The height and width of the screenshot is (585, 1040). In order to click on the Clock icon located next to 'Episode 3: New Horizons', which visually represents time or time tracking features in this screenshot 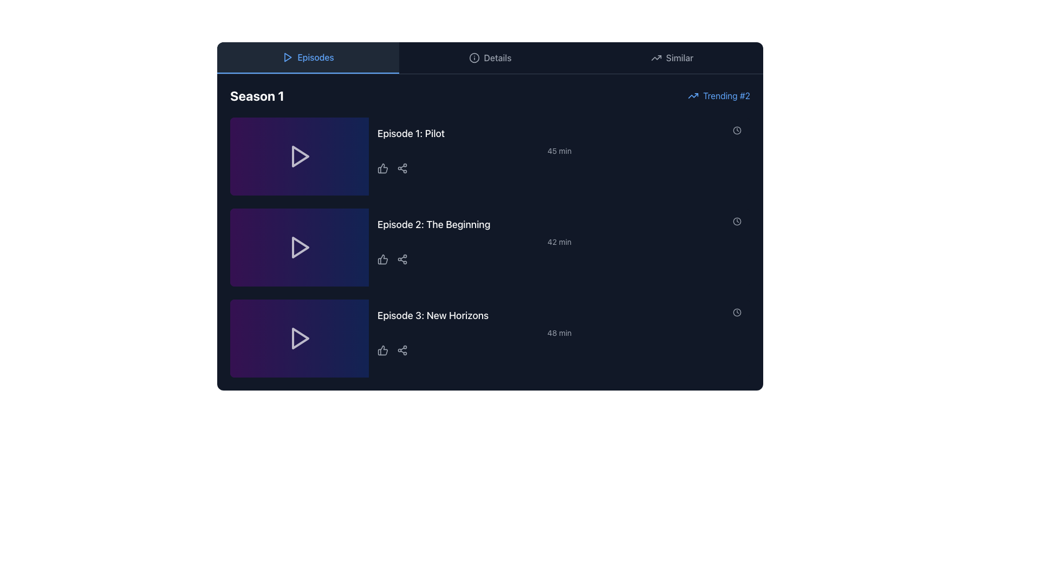, I will do `click(737, 313)`.